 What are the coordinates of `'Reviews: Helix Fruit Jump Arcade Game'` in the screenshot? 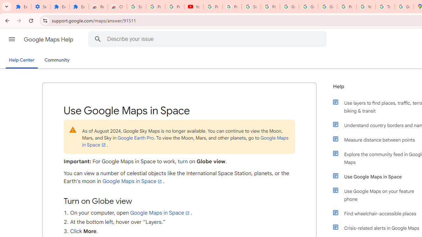 It's located at (98, 7).